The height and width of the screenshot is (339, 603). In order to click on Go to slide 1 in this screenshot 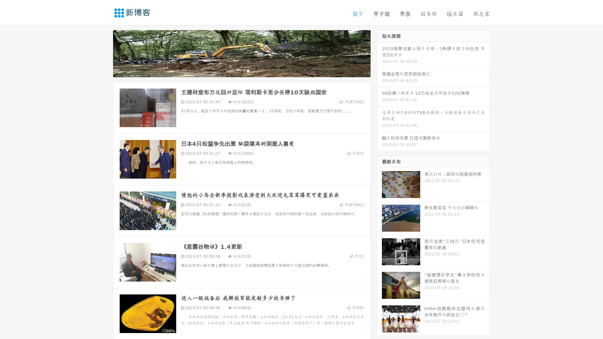, I will do `click(235, 71)`.